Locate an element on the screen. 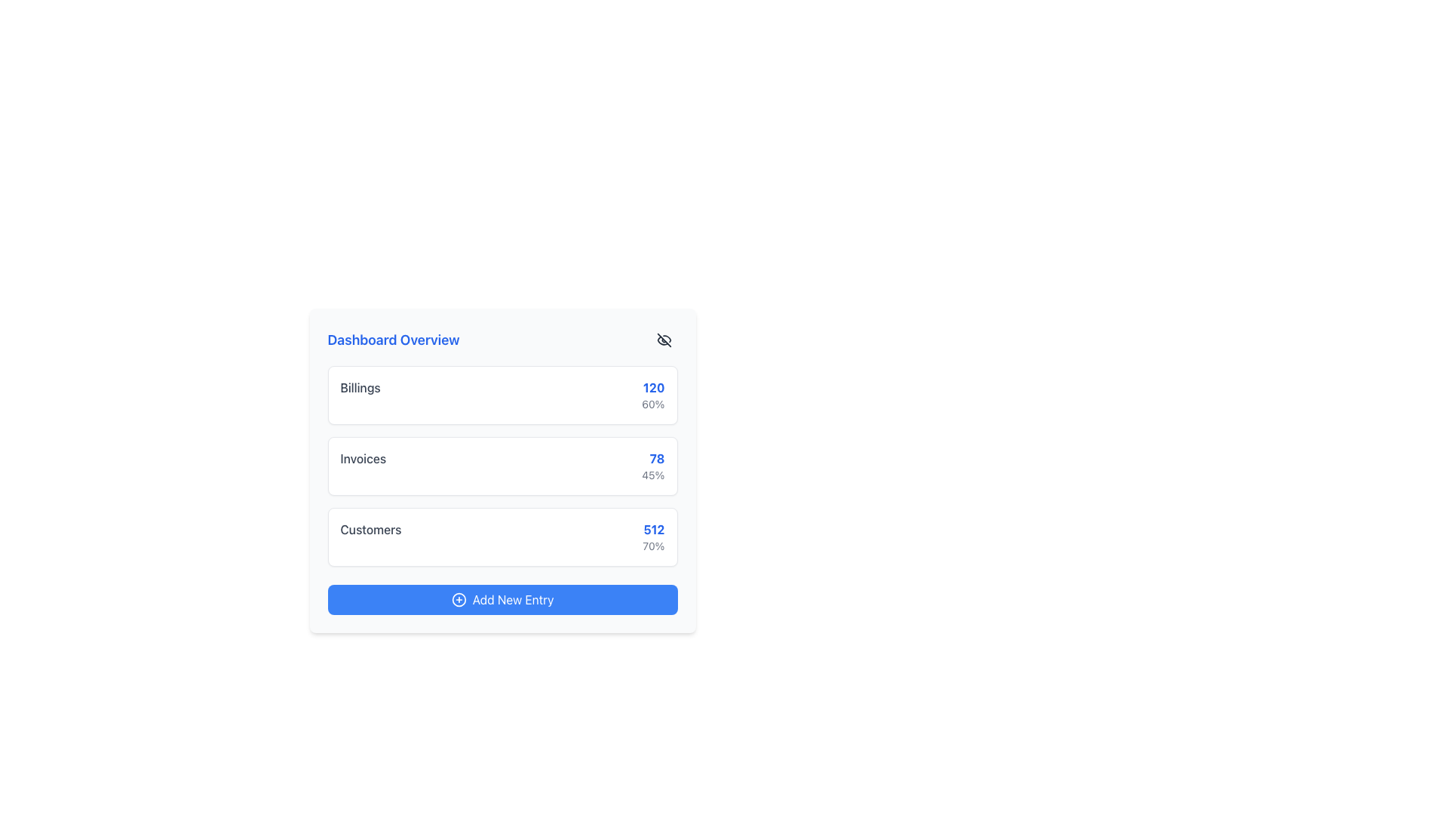 The image size is (1448, 815). the circular icon located to the left of the 'Add New Entry' button text is located at coordinates (458, 598).